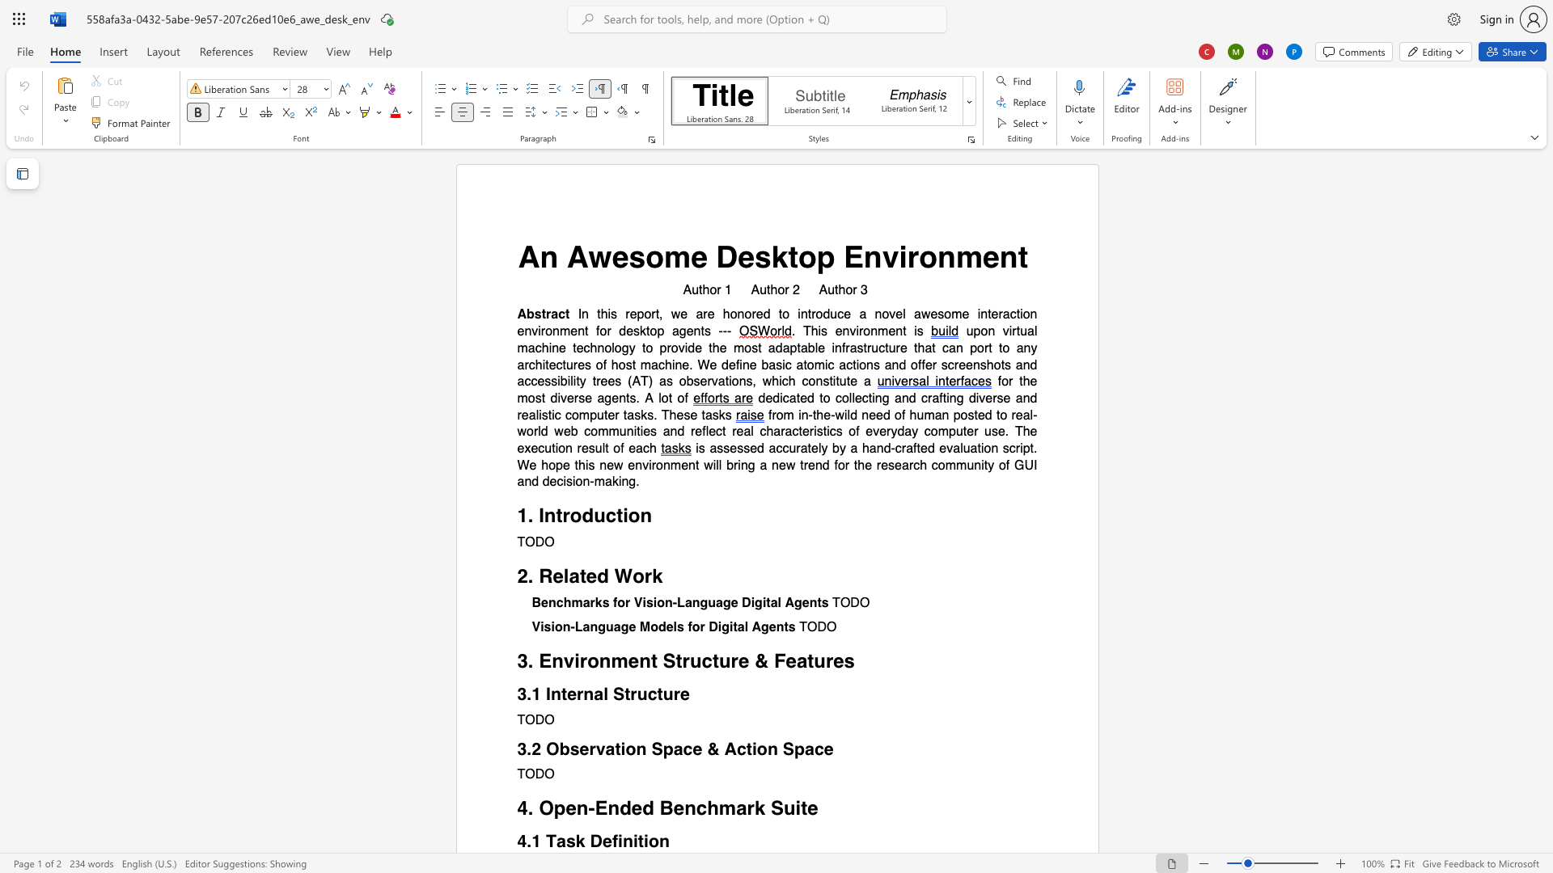  What do you see at coordinates (650, 331) in the screenshot?
I see `the subset text "op ag" within the text "In this report, we are honored to introduce a novel awesome interaction environment for desktop agents ---"` at bounding box center [650, 331].